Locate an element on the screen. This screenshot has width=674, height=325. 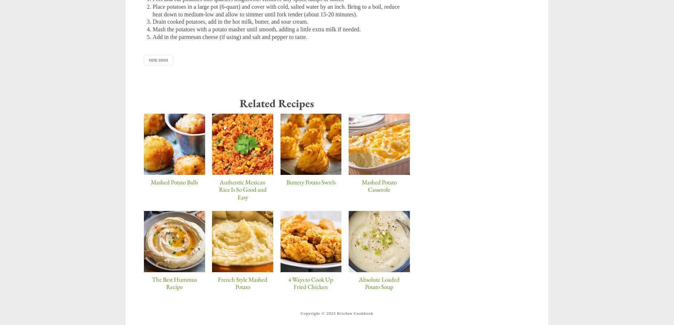
'Mashed Potato Casserole' is located at coordinates (379, 185).